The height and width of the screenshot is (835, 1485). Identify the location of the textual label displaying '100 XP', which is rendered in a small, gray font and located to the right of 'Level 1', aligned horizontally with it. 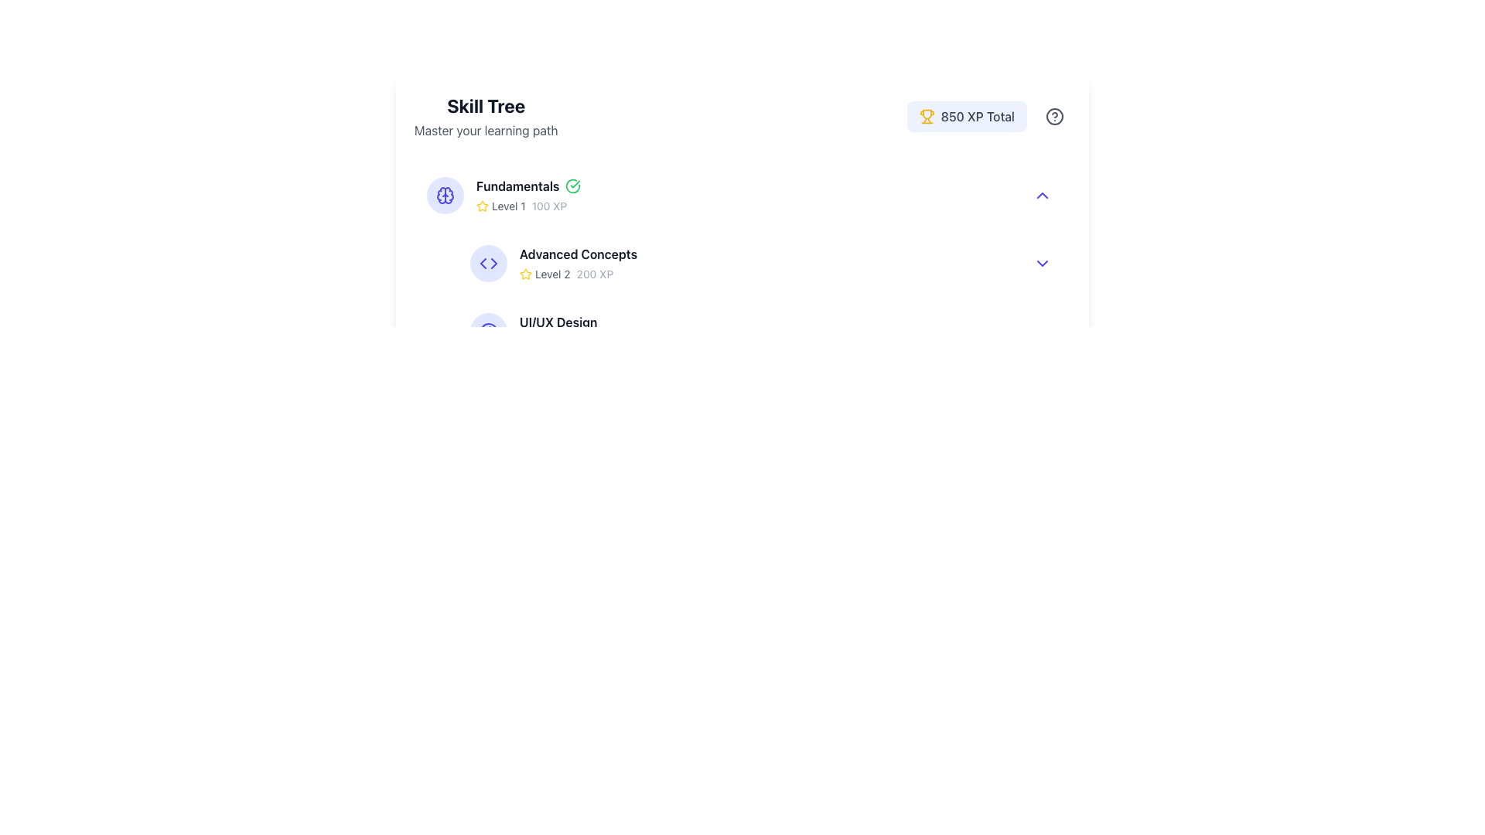
(549, 205).